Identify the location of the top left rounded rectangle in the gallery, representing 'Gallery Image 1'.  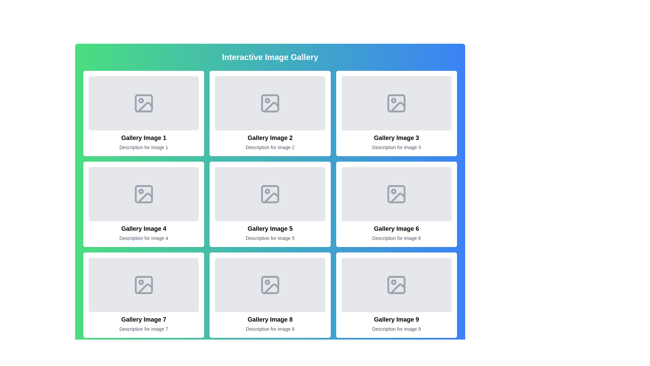
(143, 103).